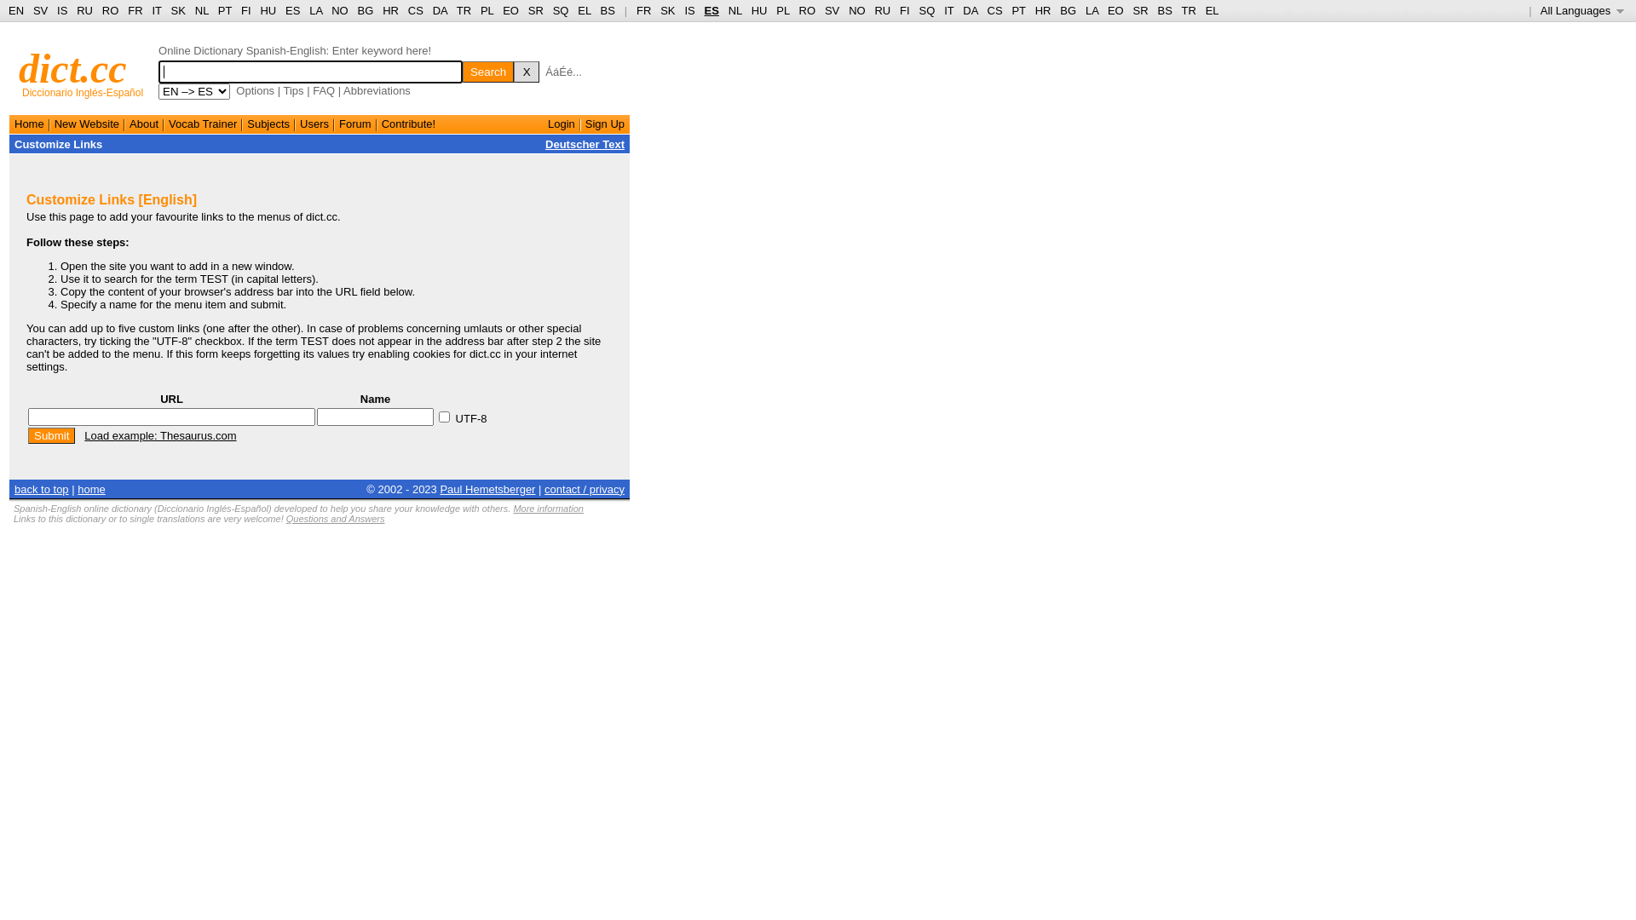 This screenshot has width=1636, height=920. I want to click on 'PT', so click(224, 10).